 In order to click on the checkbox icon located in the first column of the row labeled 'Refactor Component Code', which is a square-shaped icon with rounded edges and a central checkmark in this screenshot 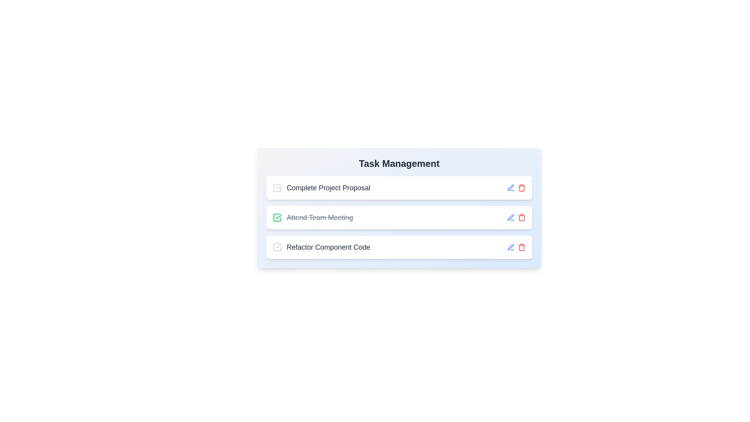, I will do `click(277, 247)`.